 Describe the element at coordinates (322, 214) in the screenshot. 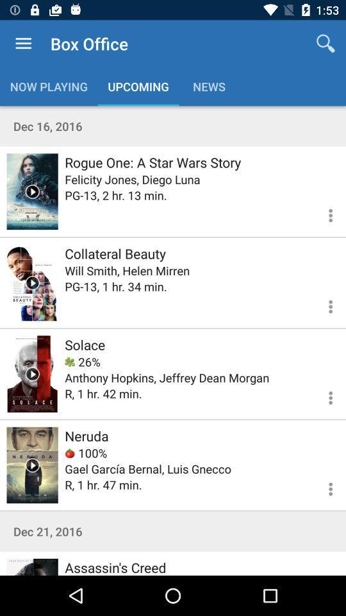

I see `more options` at that location.